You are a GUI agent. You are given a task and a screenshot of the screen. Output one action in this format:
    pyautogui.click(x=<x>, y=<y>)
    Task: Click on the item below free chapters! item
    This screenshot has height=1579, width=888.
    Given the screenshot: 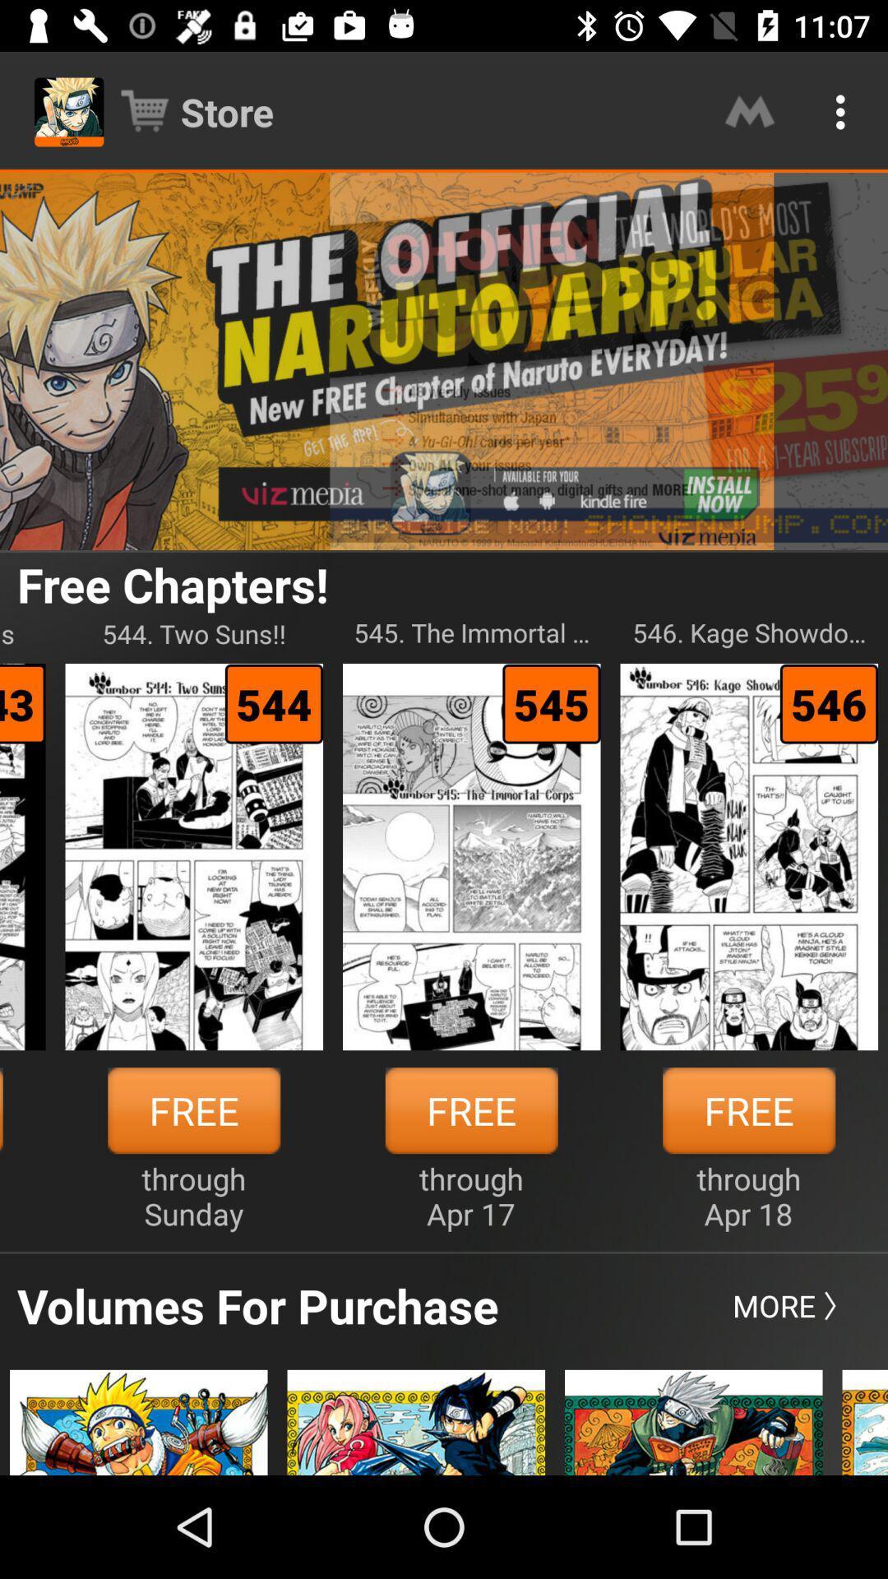 What is the action you would take?
    pyautogui.click(x=471, y=632)
    